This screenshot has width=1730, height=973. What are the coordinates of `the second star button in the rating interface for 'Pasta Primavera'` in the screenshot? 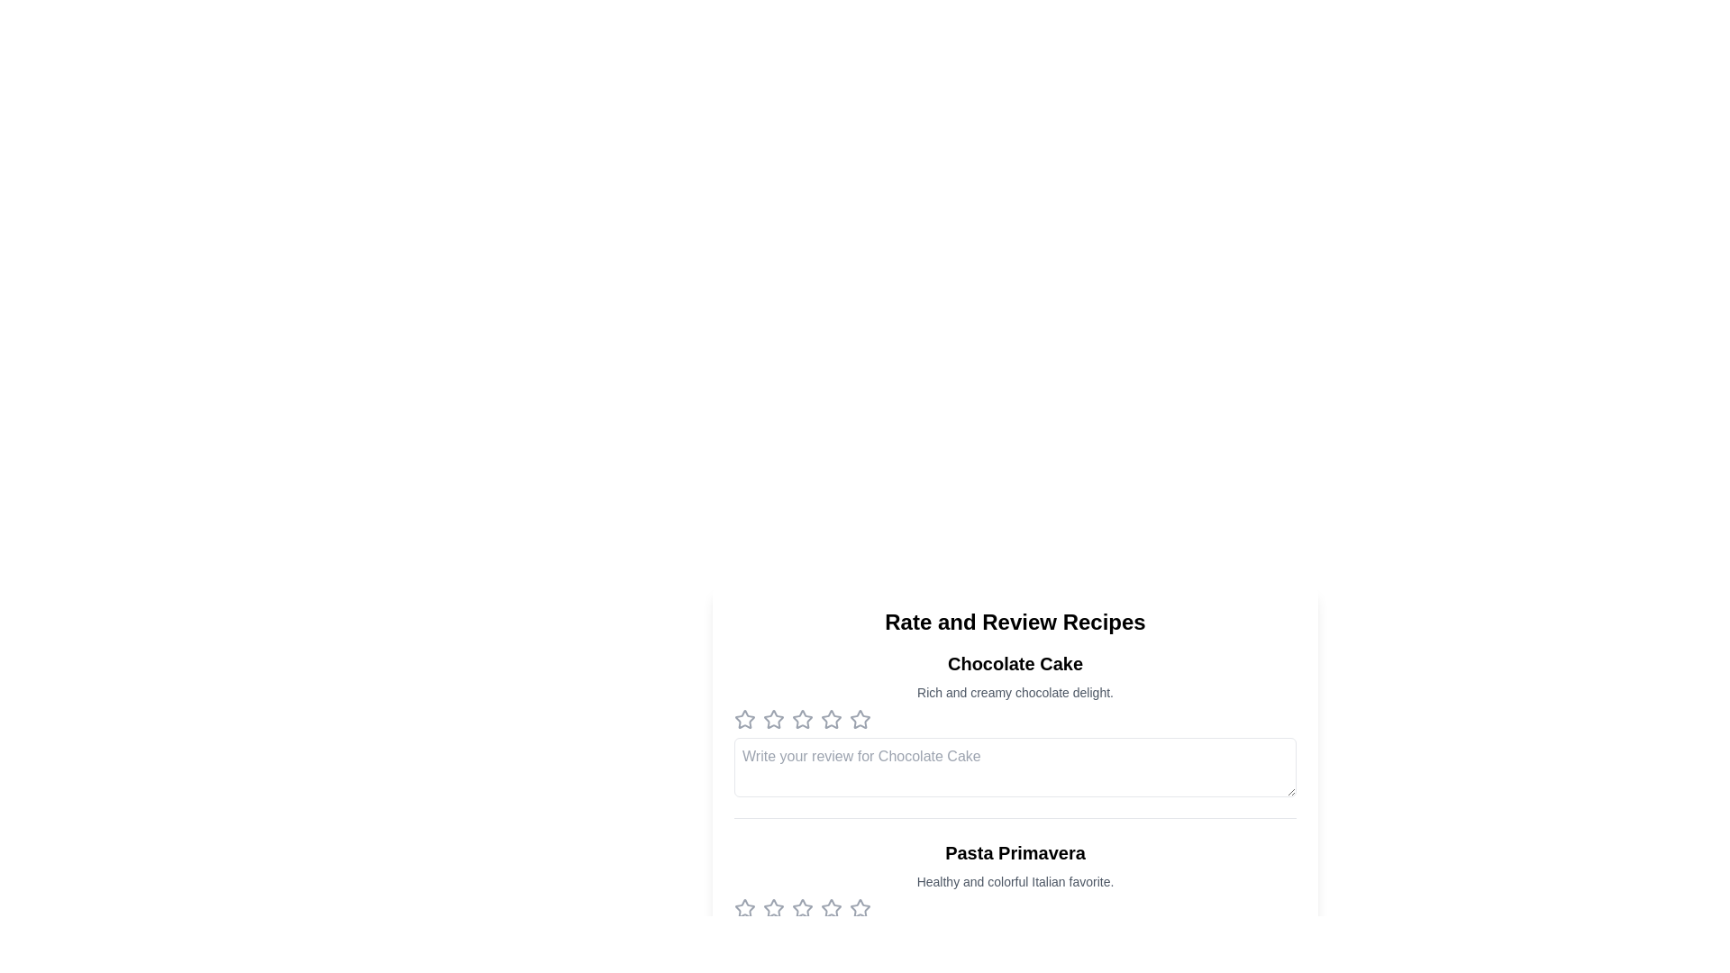 It's located at (774, 909).